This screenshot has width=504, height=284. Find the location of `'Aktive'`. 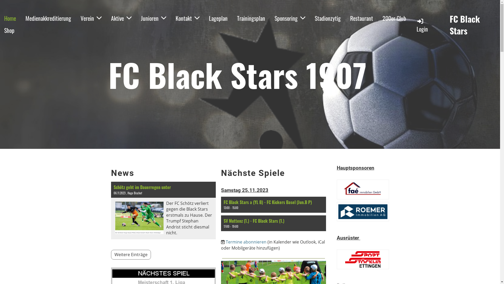

'Aktive' is located at coordinates (121, 18).